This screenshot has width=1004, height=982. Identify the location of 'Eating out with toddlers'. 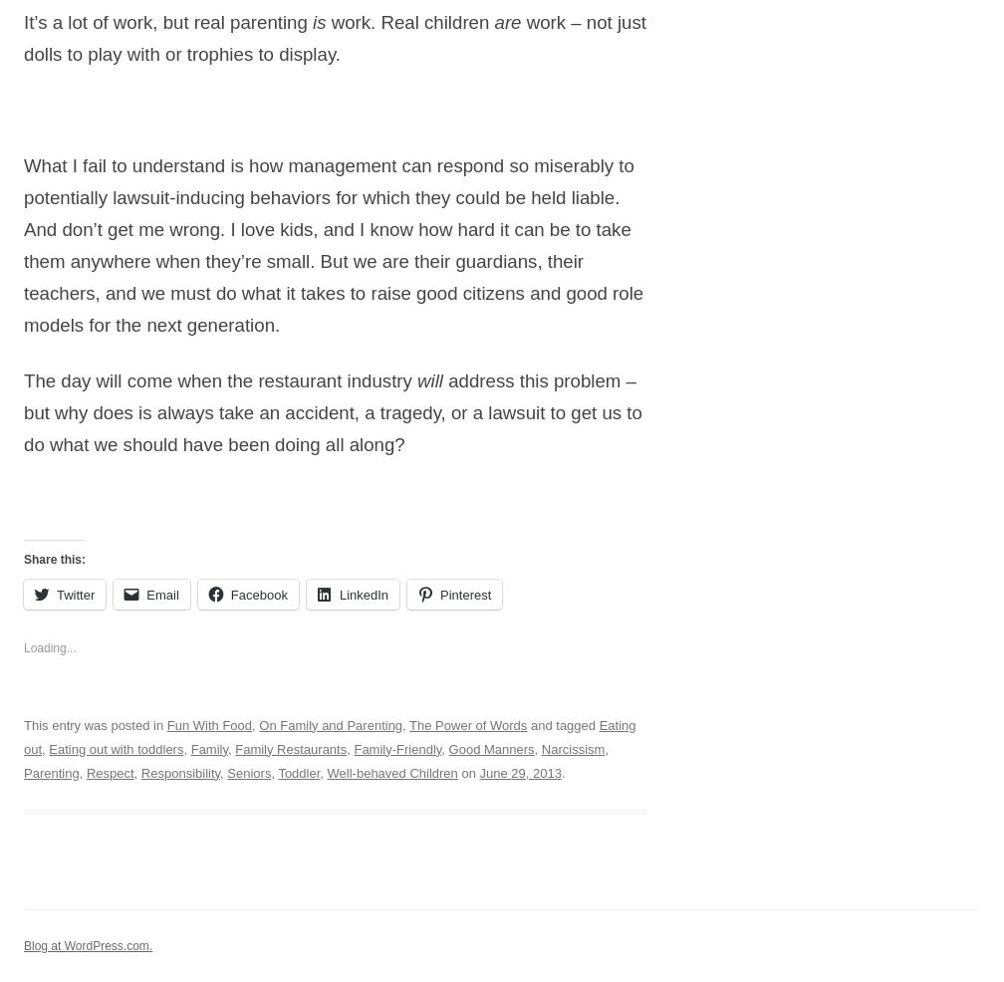
(116, 748).